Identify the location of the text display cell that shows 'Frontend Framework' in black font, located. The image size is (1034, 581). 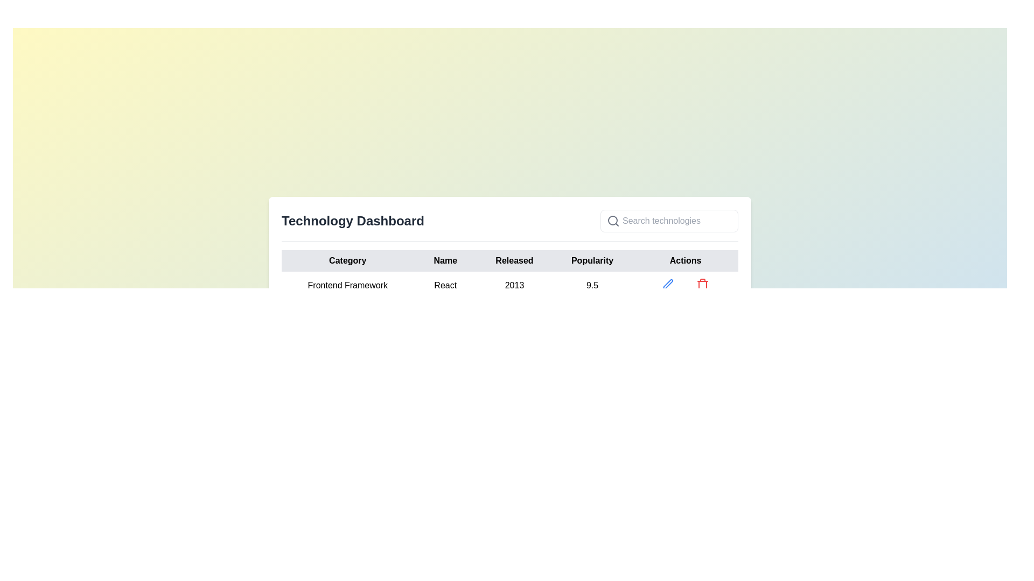
(347, 285).